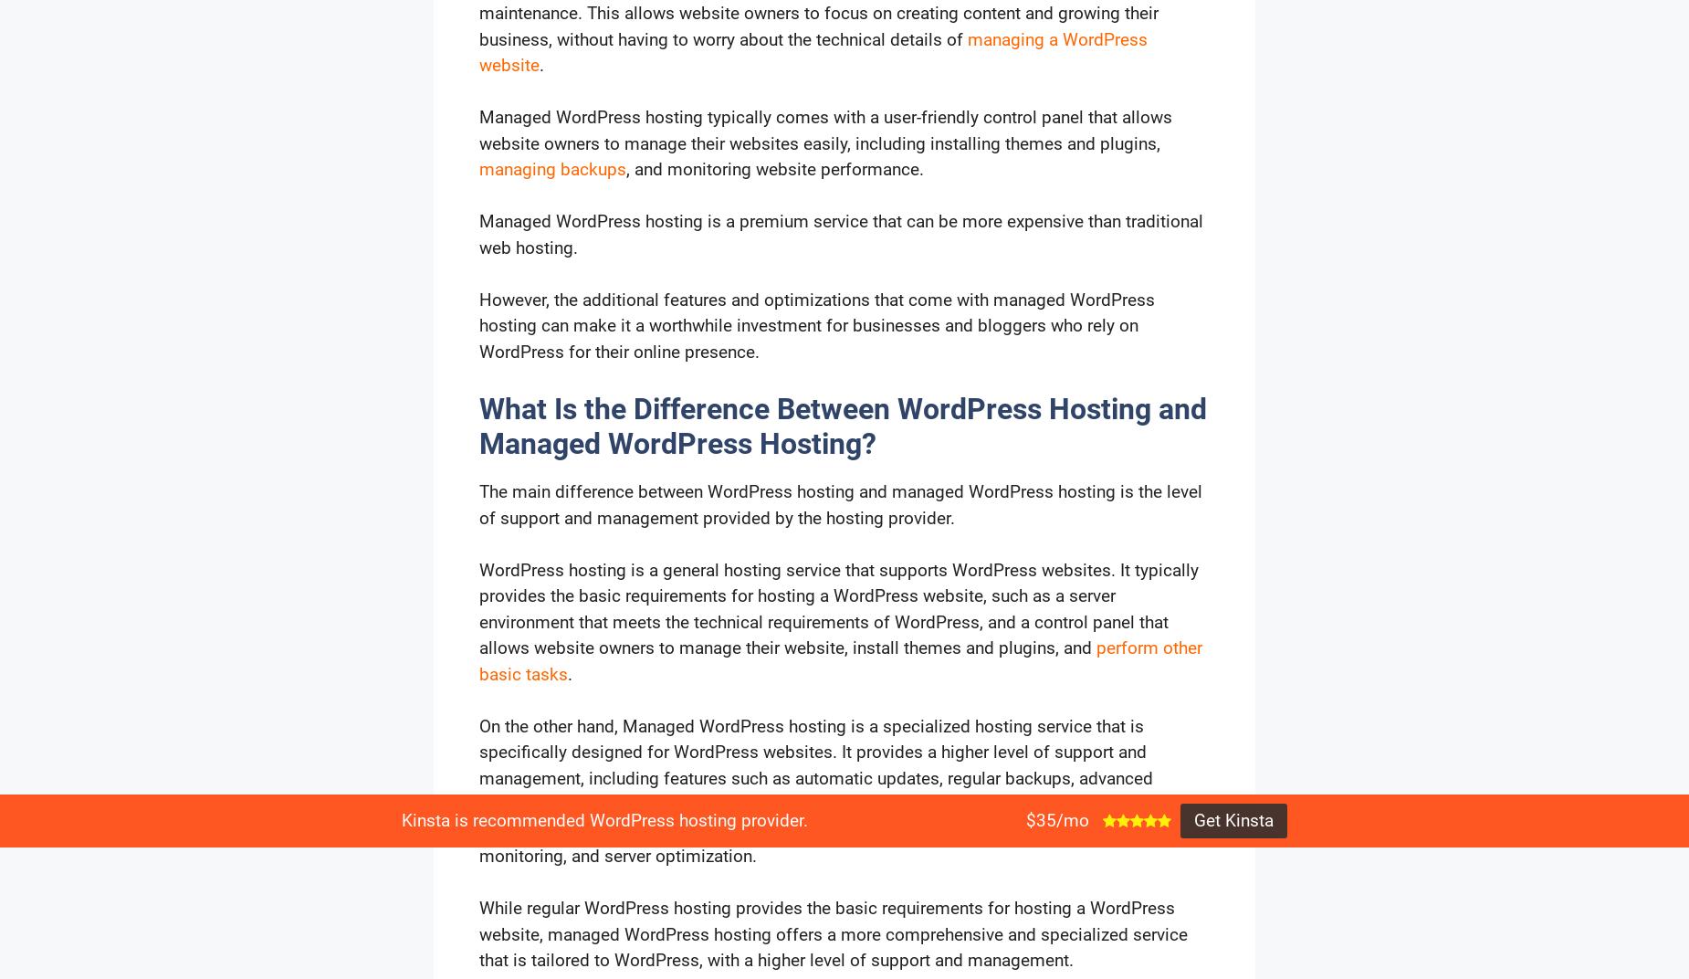 The width and height of the screenshot is (1689, 979). I want to click on 'perform other basic tasks', so click(840, 659).